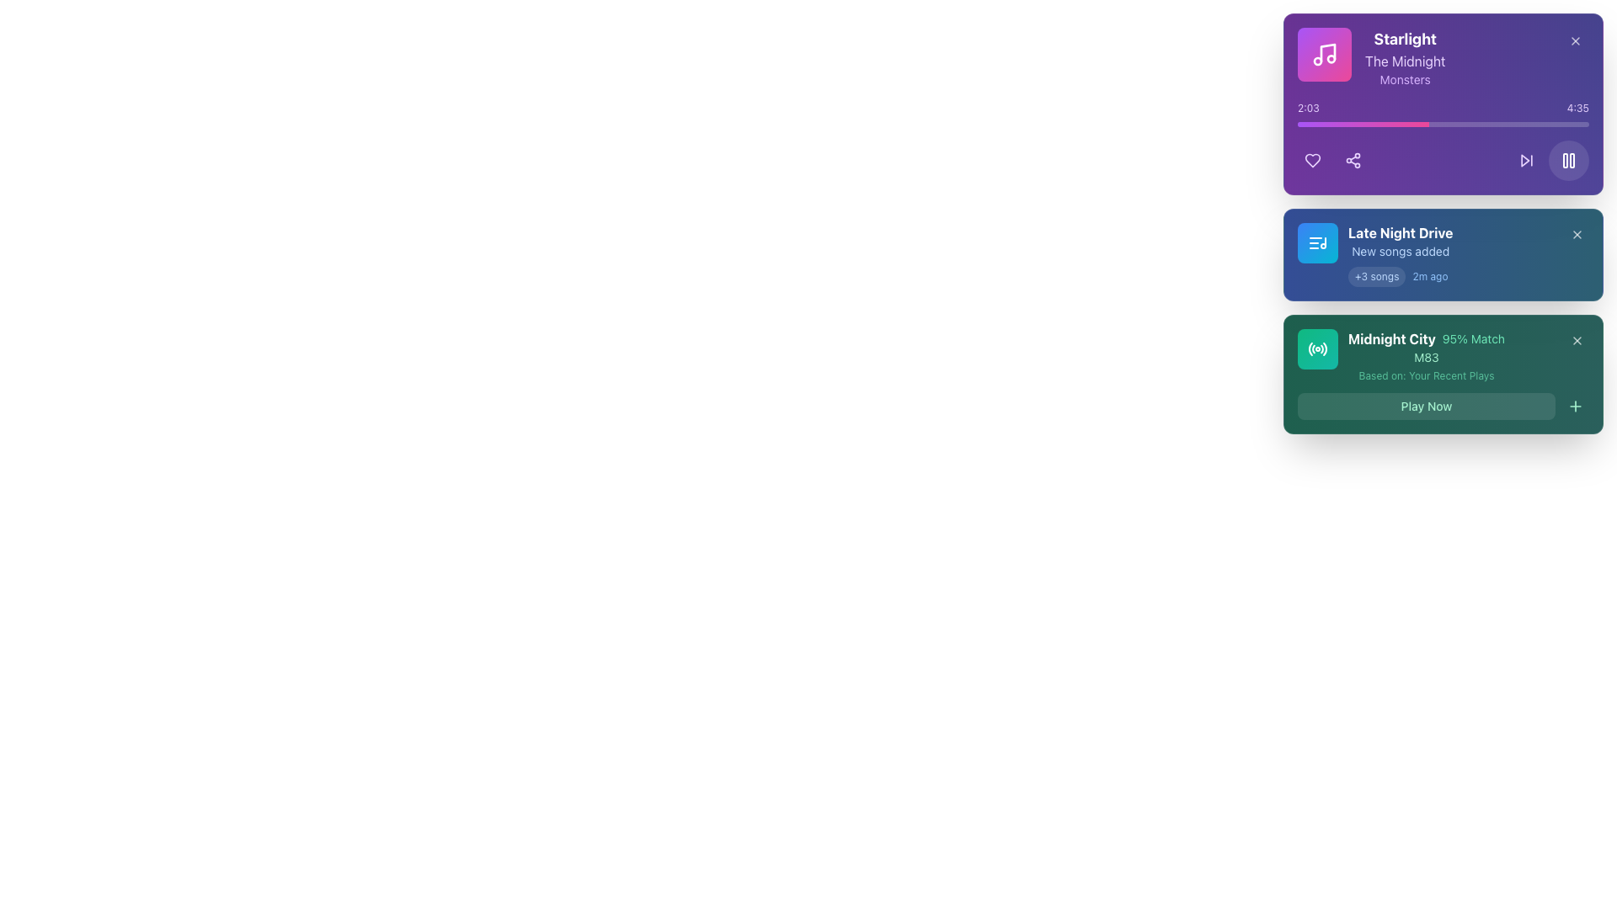 This screenshot has width=1617, height=909. What do you see at coordinates (1316, 348) in the screenshot?
I see `the icon located at the top-left corner of the 'Midnight City' card, which is the third card in a vertical stack` at bounding box center [1316, 348].